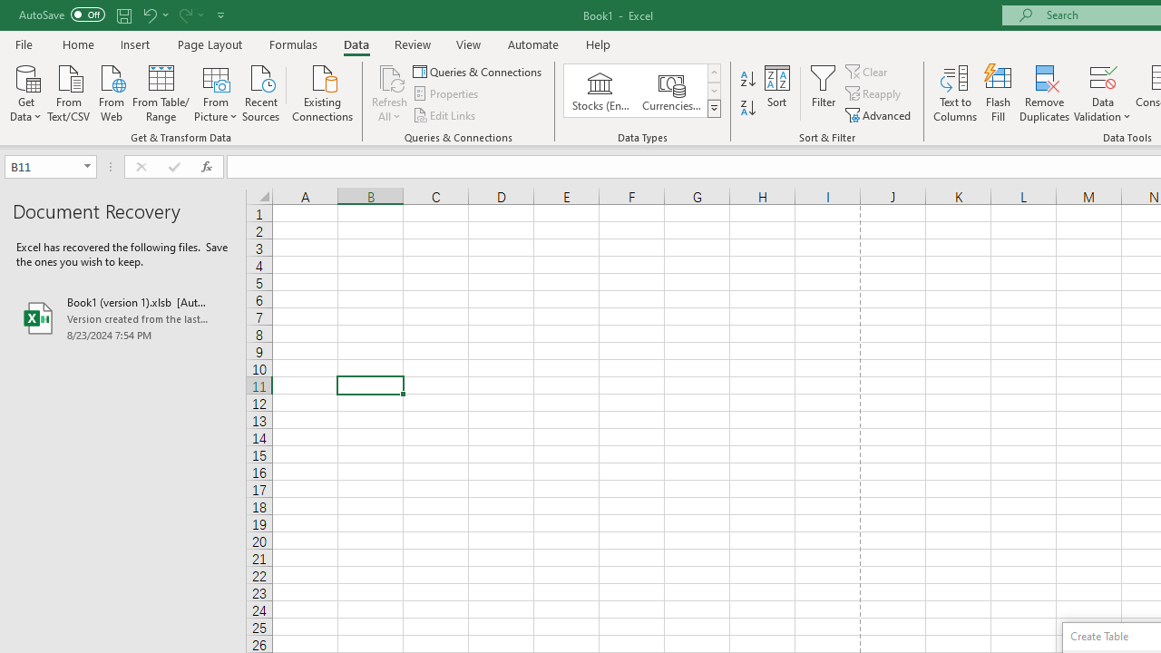 This screenshot has width=1161, height=653. Describe the element at coordinates (713, 108) in the screenshot. I see `'Class: NetUIImage'` at that location.